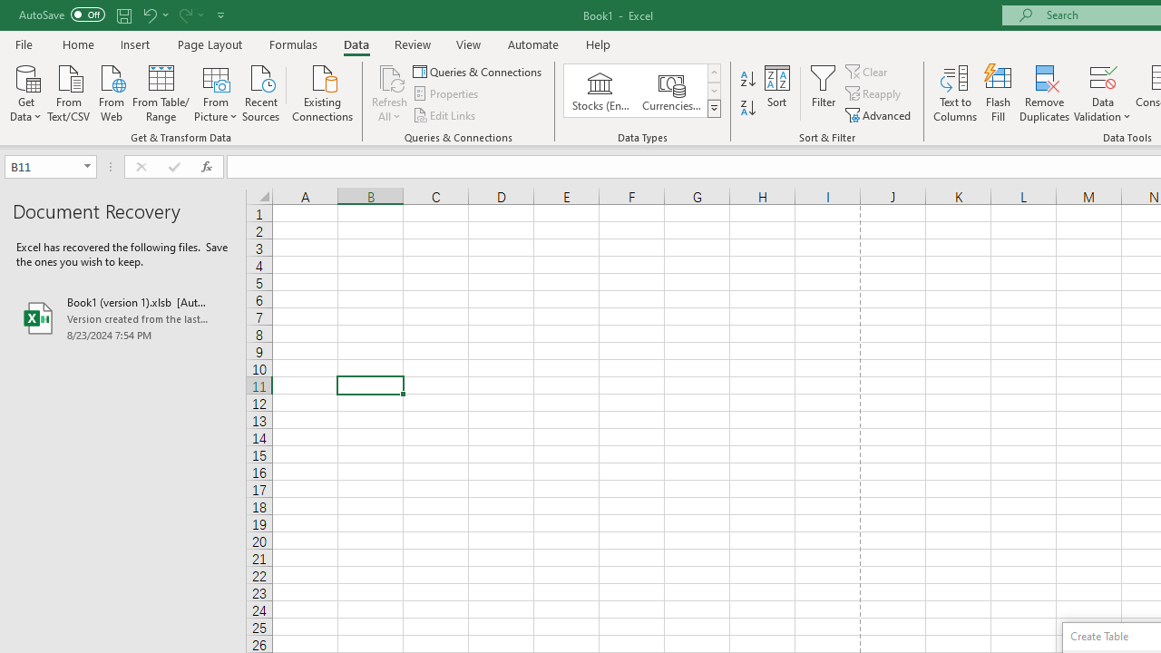 This screenshot has width=1161, height=653. Describe the element at coordinates (713, 108) in the screenshot. I see `'Class: NetUIImage'` at that location.